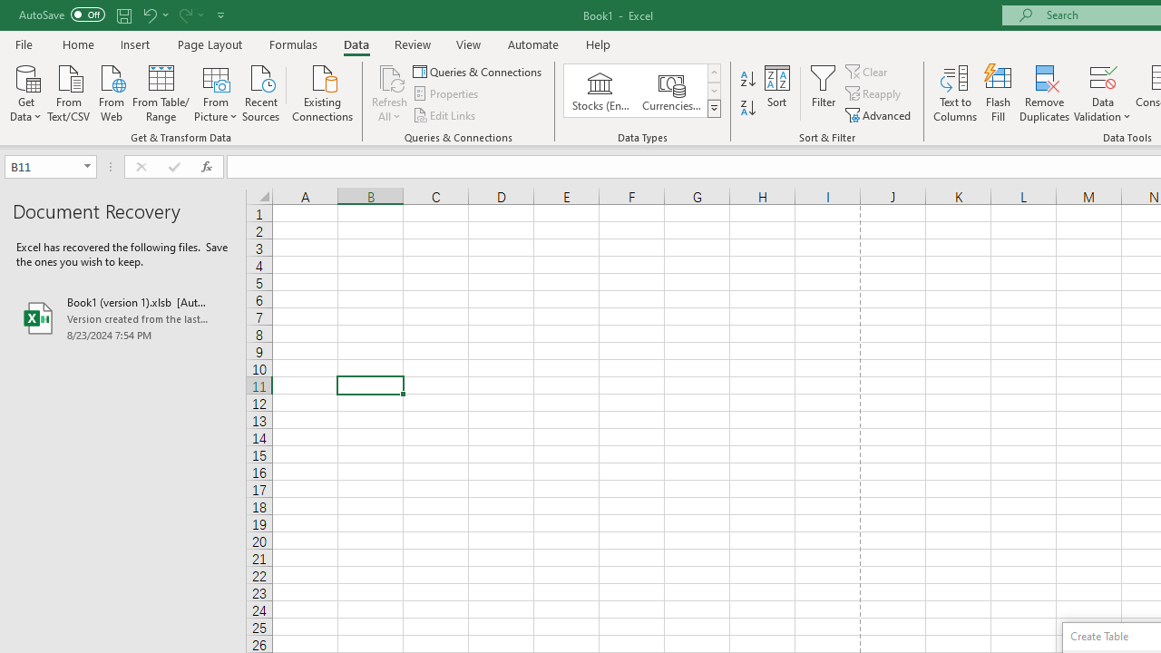 This screenshot has width=1161, height=653. Describe the element at coordinates (713, 108) in the screenshot. I see `'Class: NetUIImage'` at that location.